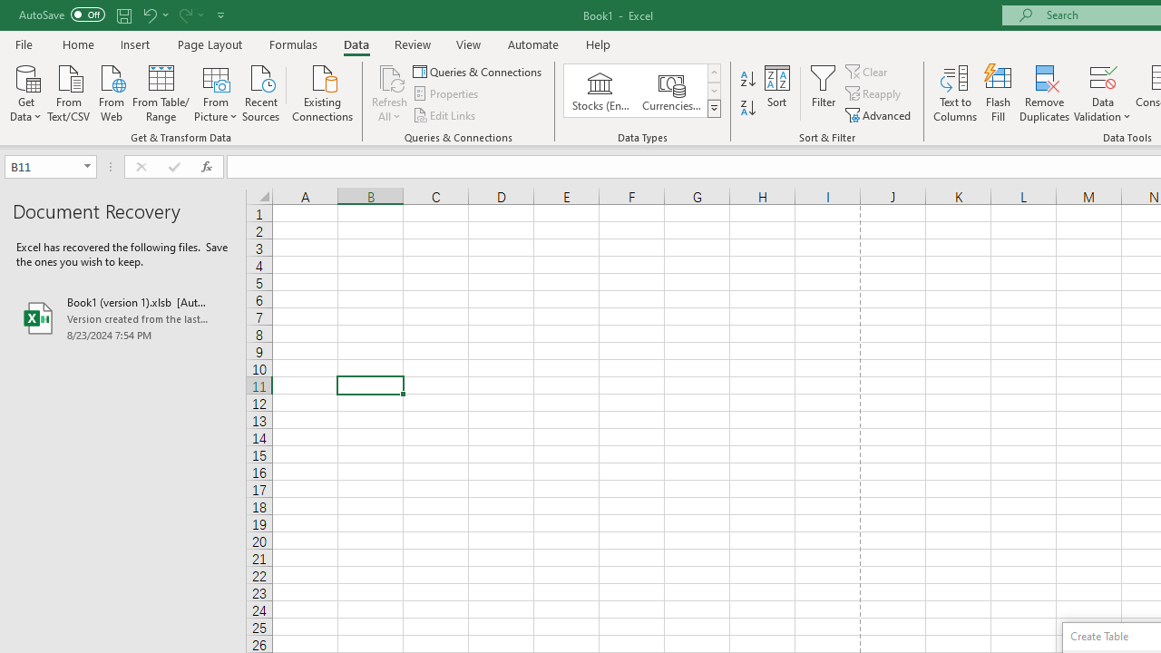 This screenshot has width=1161, height=653. Describe the element at coordinates (713, 108) in the screenshot. I see `'Class: NetUIImage'` at that location.